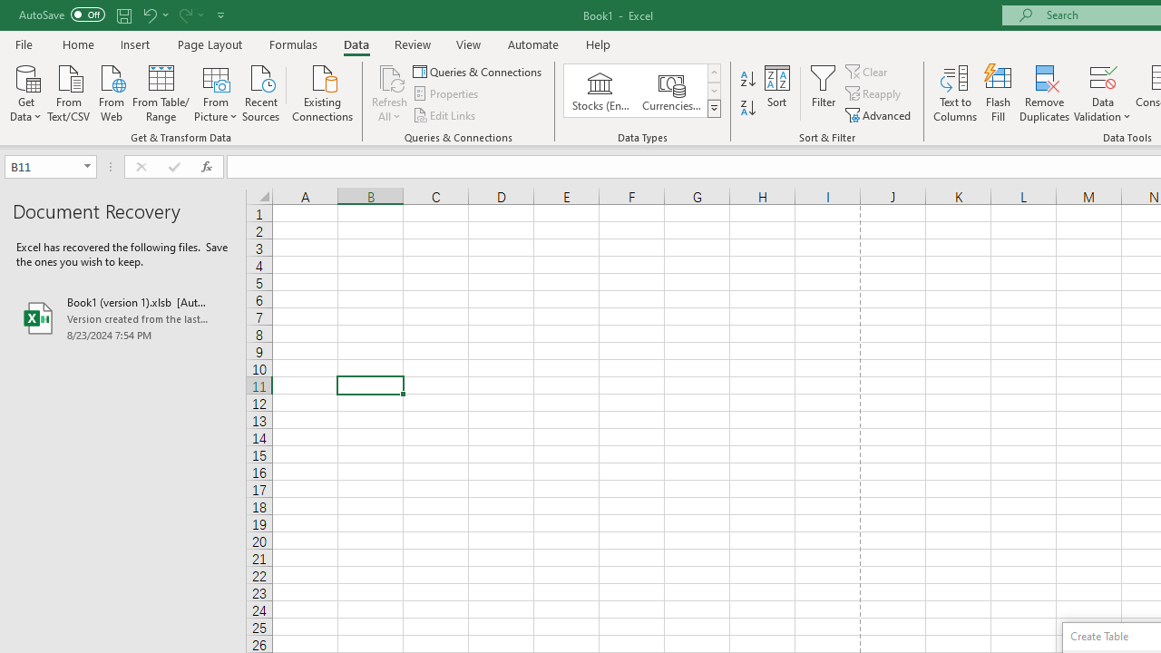 This screenshot has width=1161, height=653. Describe the element at coordinates (713, 108) in the screenshot. I see `'Class: NetUIImage'` at that location.